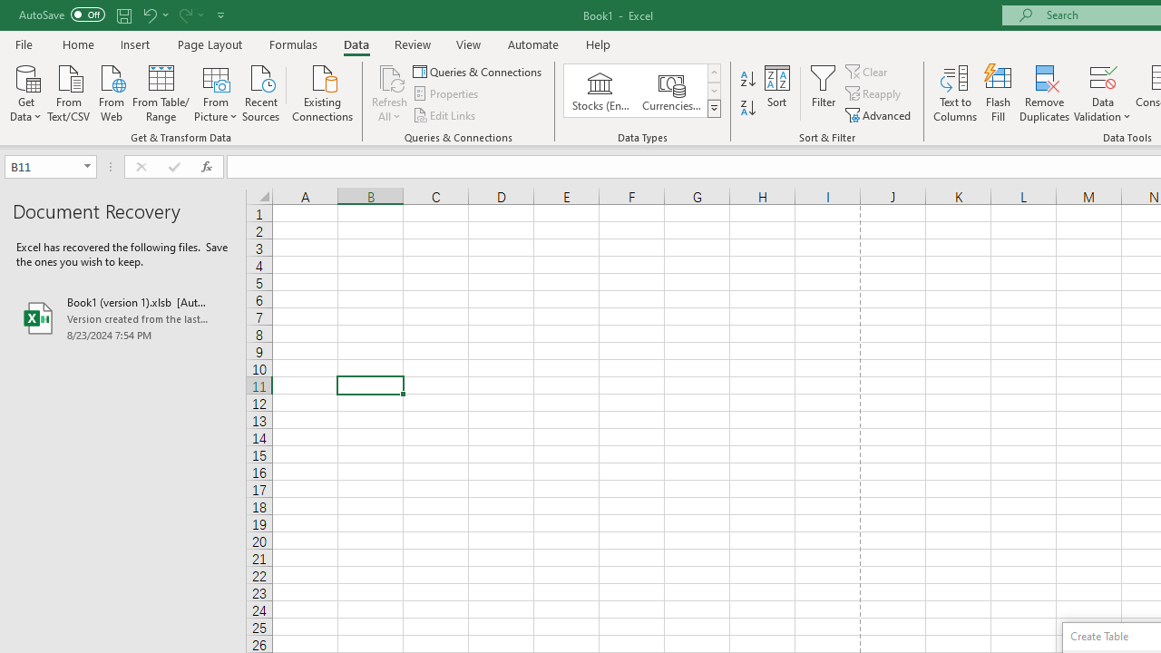 This screenshot has width=1161, height=653. Describe the element at coordinates (713, 108) in the screenshot. I see `'Class: NetUIImage'` at that location.